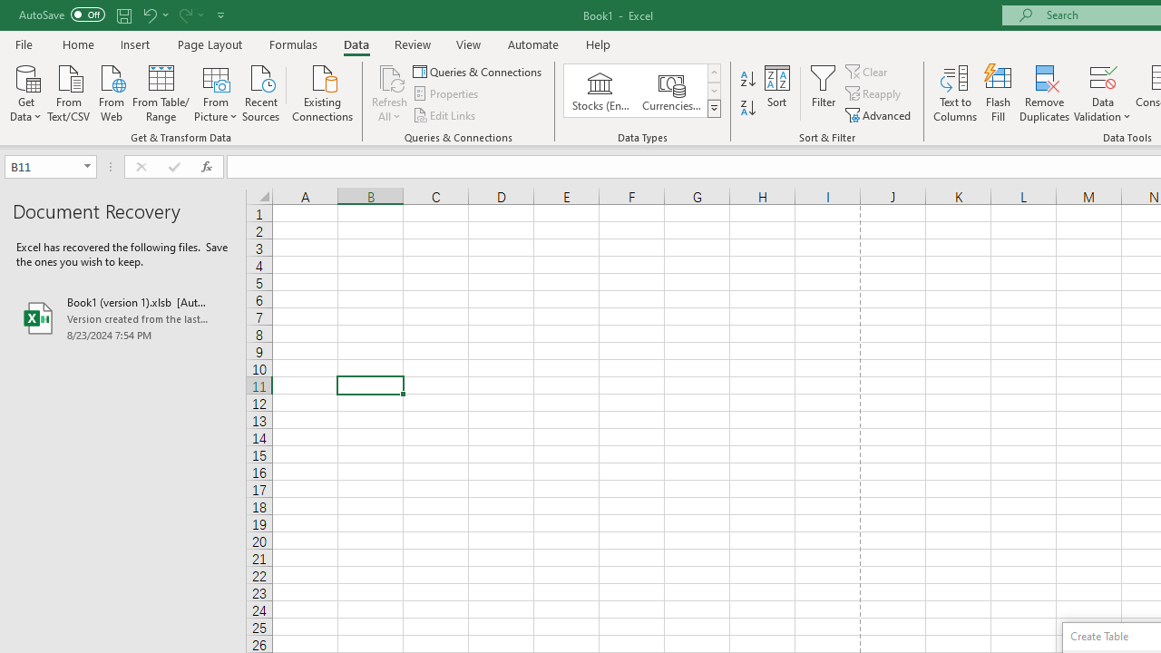 This screenshot has width=1161, height=653. Describe the element at coordinates (713, 108) in the screenshot. I see `'Class: NetUIImage'` at that location.